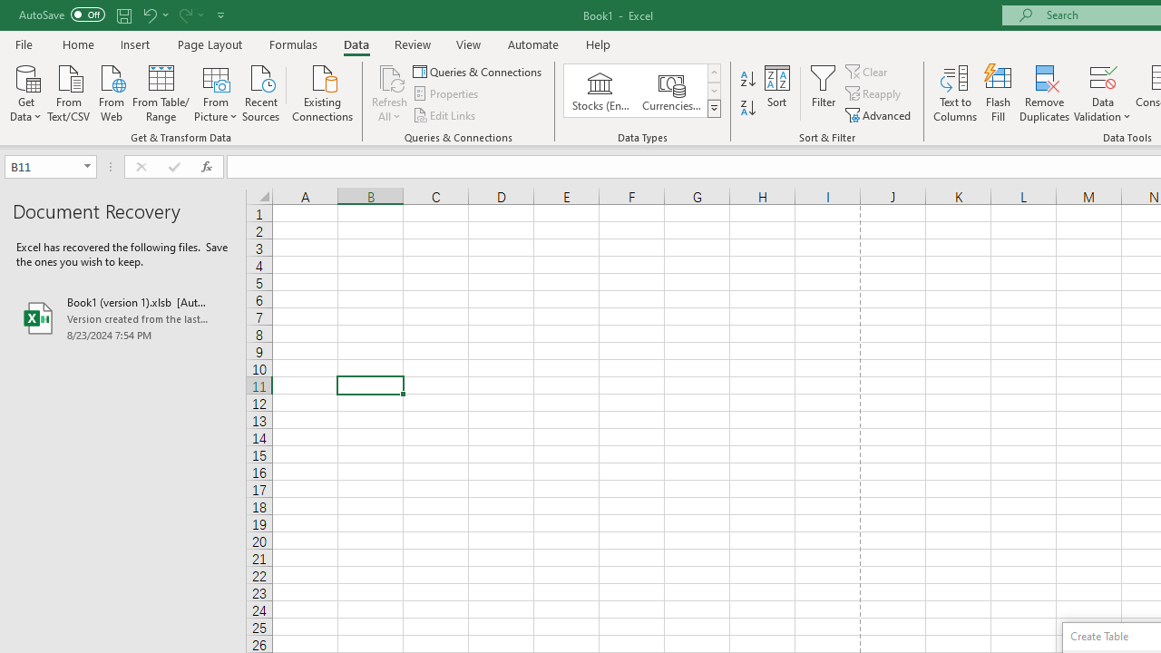 This screenshot has width=1161, height=653. Describe the element at coordinates (713, 108) in the screenshot. I see `'Class: NetUIImage'` at that location.